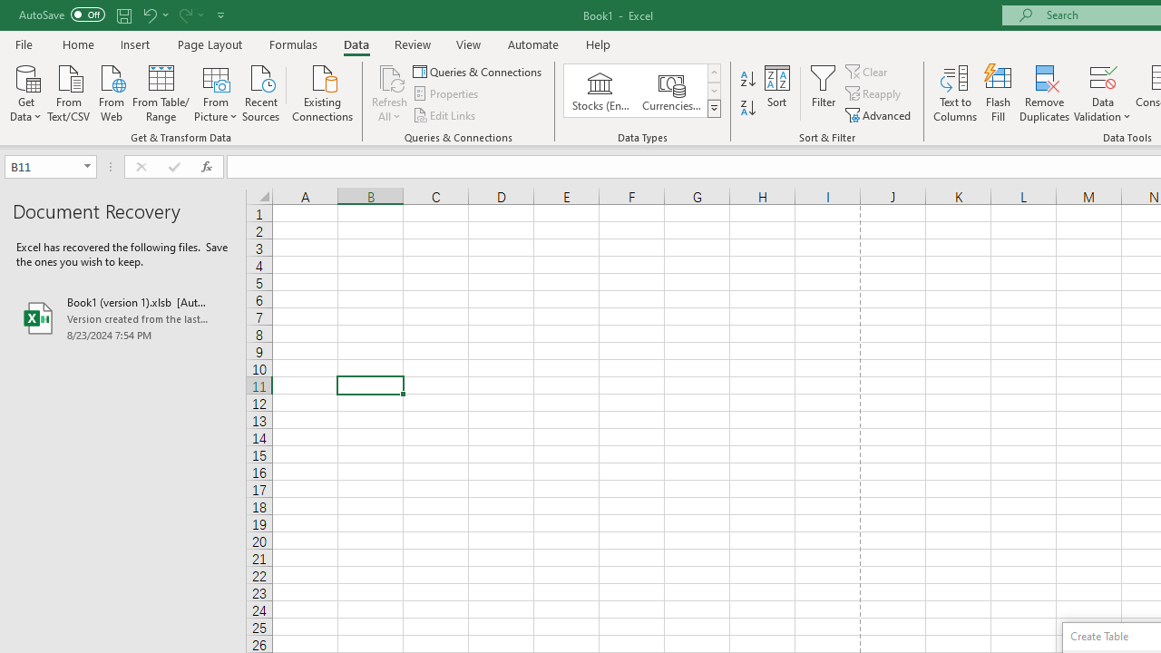 This screenshot has width=1161, height=653. Describe the element at coordinates (713, 108) in the screenshot. I see `'Class: NetUIImage'` at that location.